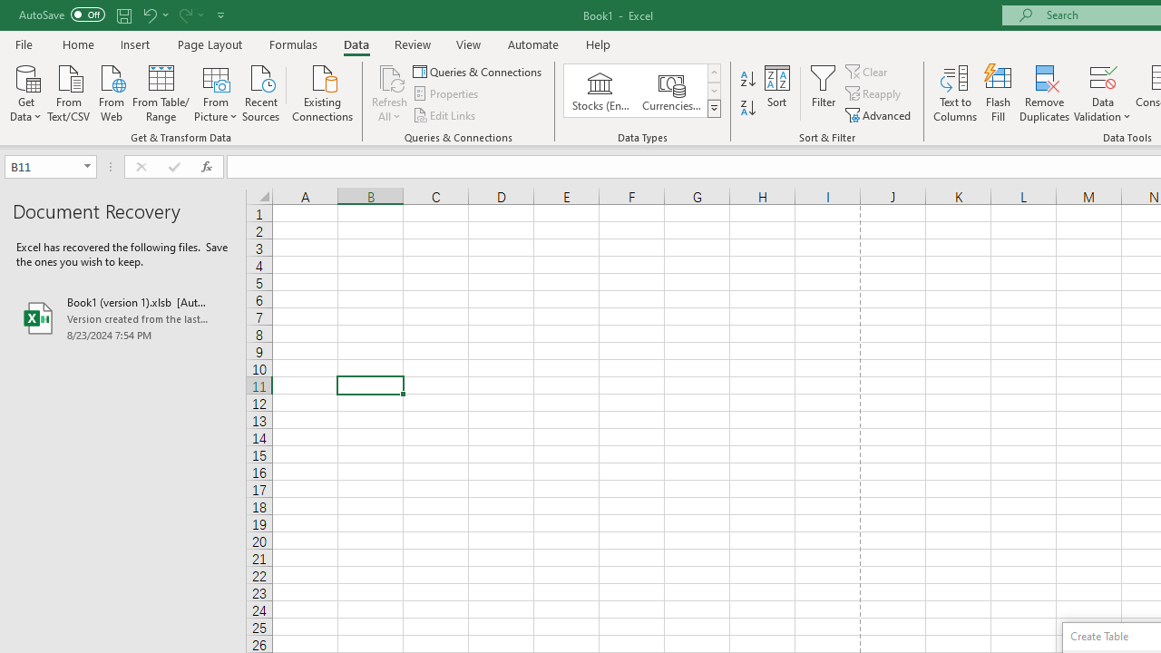 This screenshot has width=1161, height=653. Describe the element at coordinates (713, 108) in the screenshot. I see `'Class: NetUIImage'` at that location.